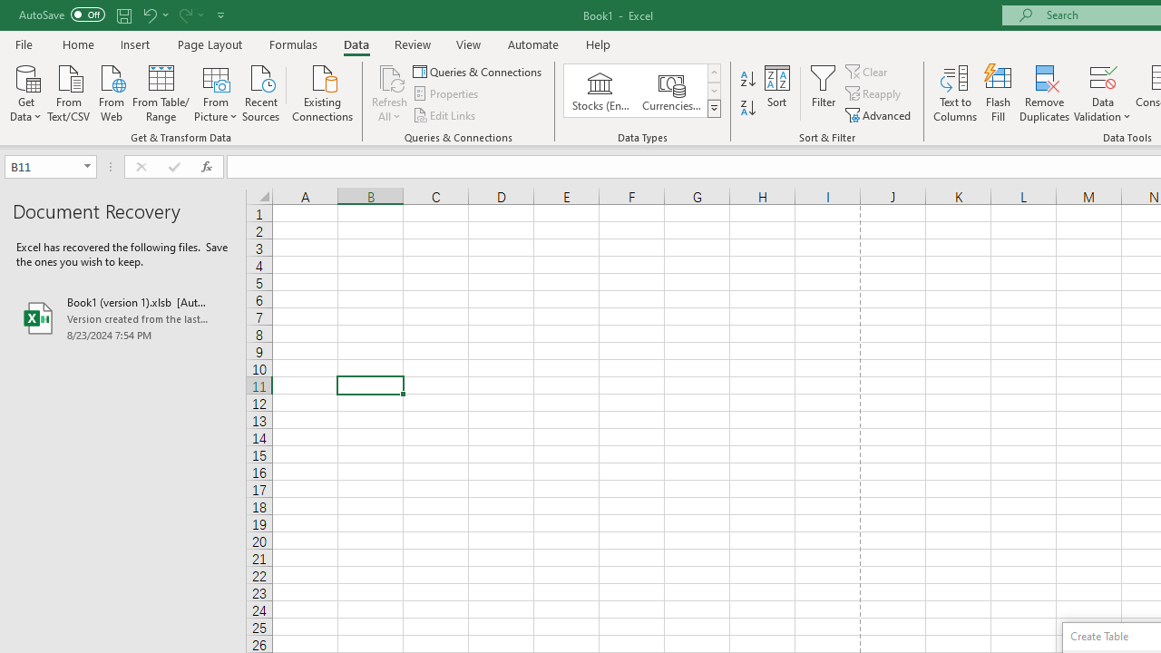 This screenshot has width=1161, height=653. Describe the element at coordinates (713, 108) in the screenshot. I see `'Class: NetUIImage'` at that location.